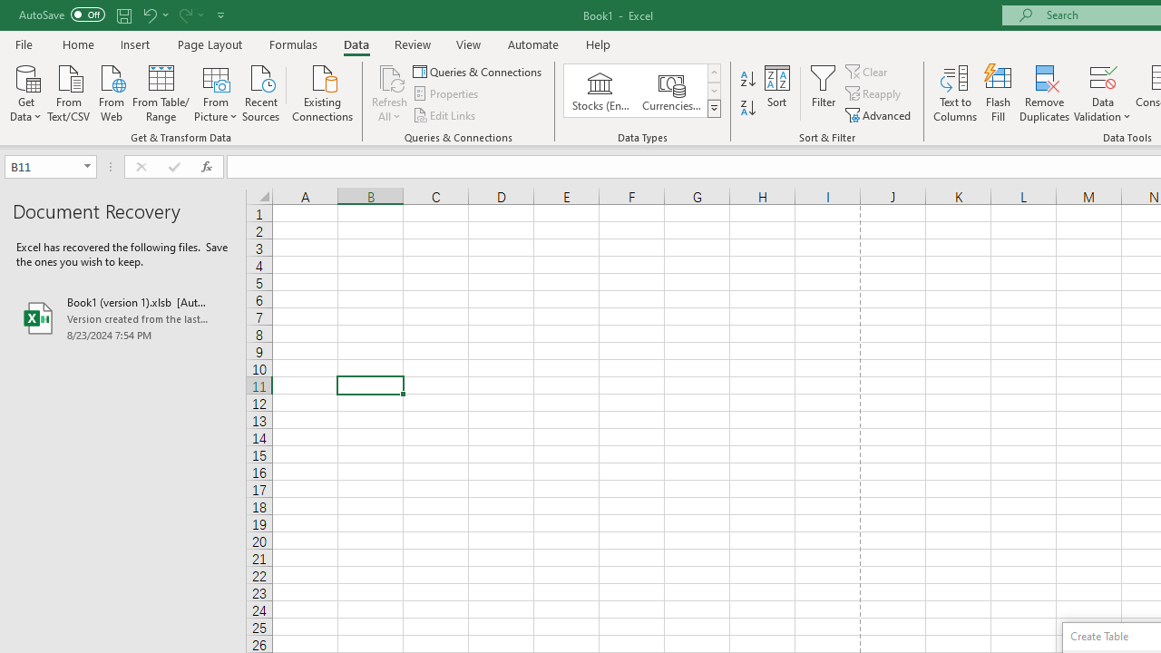 This screenshot has width=1161, height=653. Describe the element at coordinates (713, 108) in the screenshot. I see `'Class: NetUIImage'` at that location.